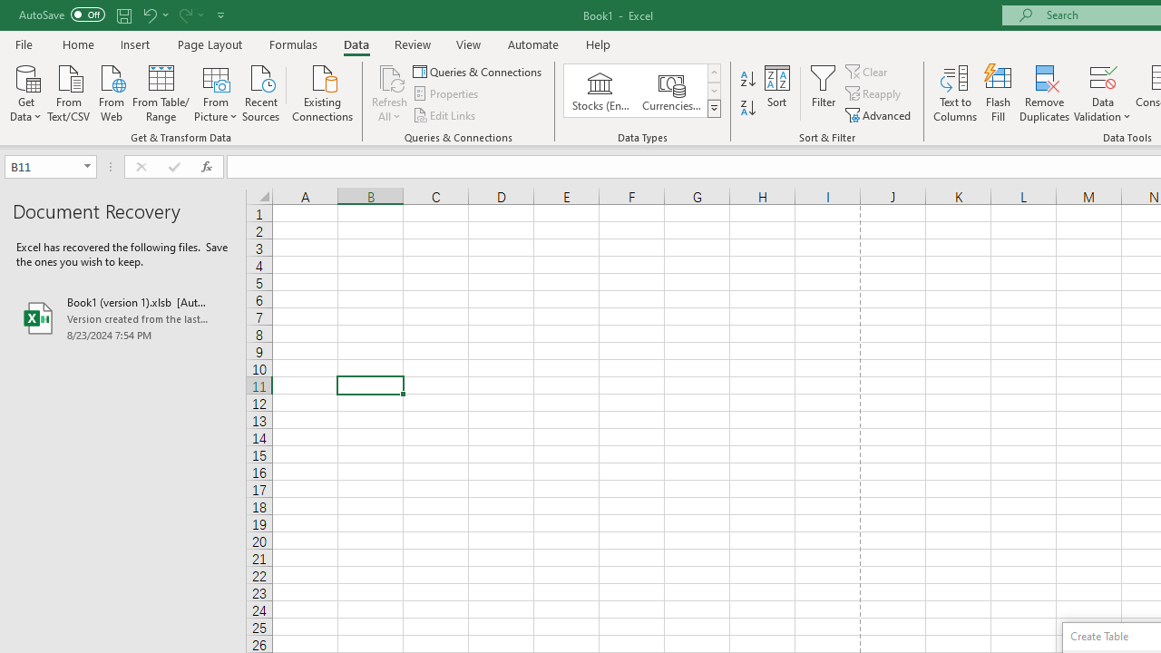 This screenshot has width=1161, height=653. Describe the element at coordinates (713, 108) in the screenshot. I see `'Class: NetUIImage'` at that location.